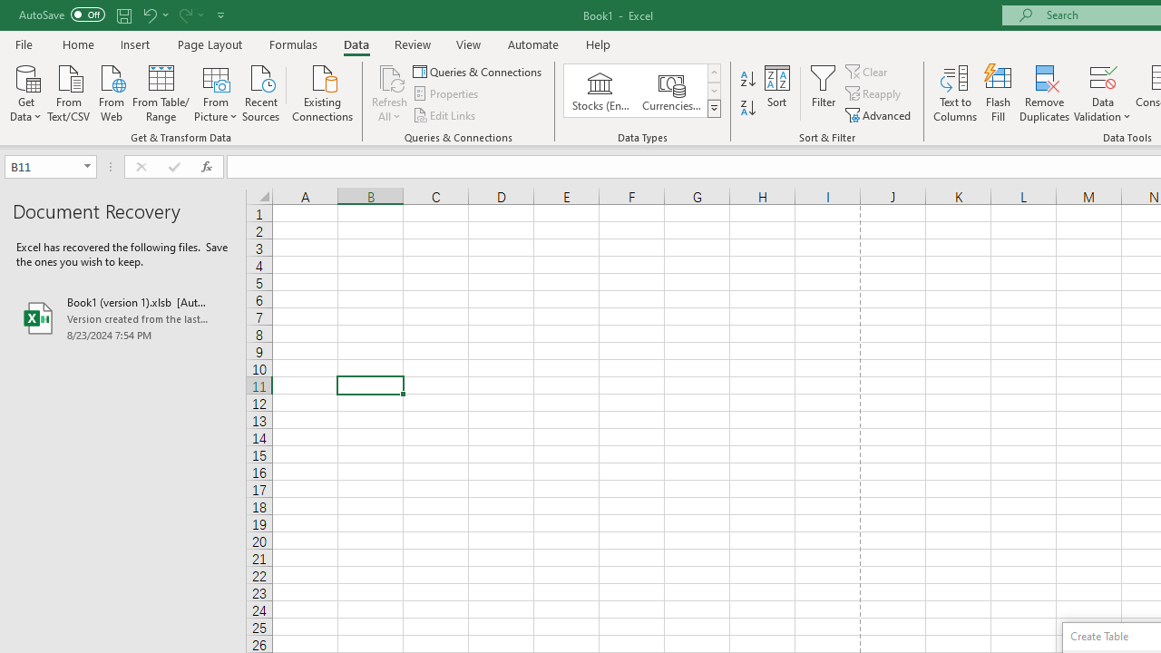 This screenshot has width=1161, height=653. Describe the element at coordinates (713, 108) in the screenshot. I see `'Class: NetUIImage'` at that location.